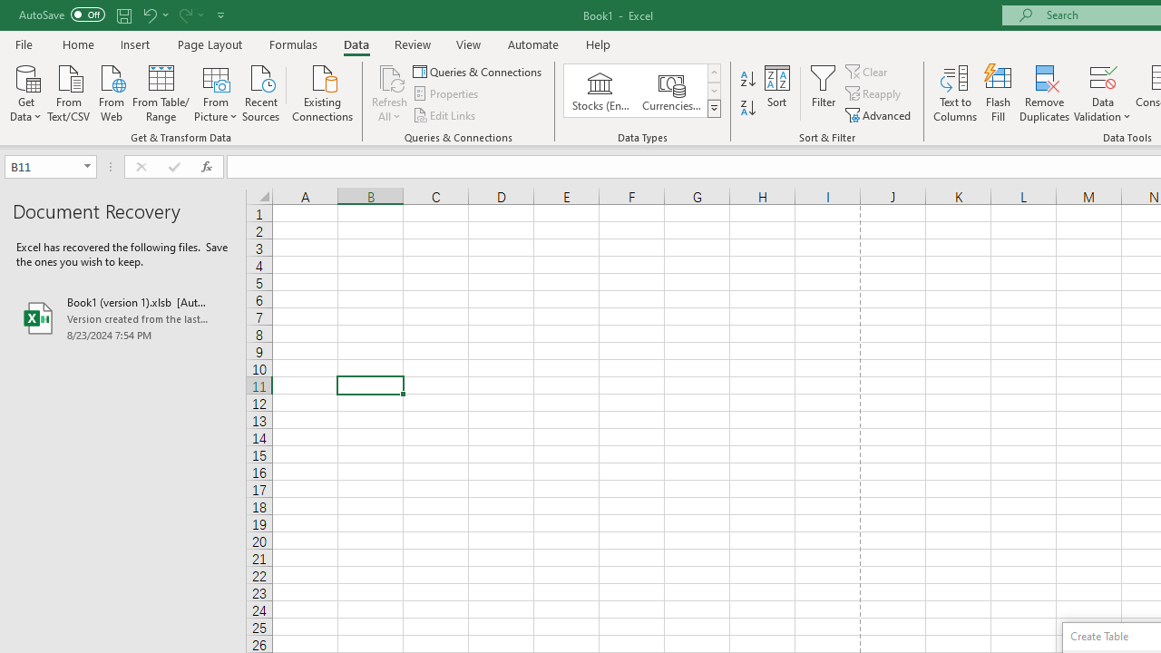 This screenshot has width=1161, height=653. Describe the element at coordinates (713, 108) in the screenshot. I see `'Class: NetUIImage'` at that location.